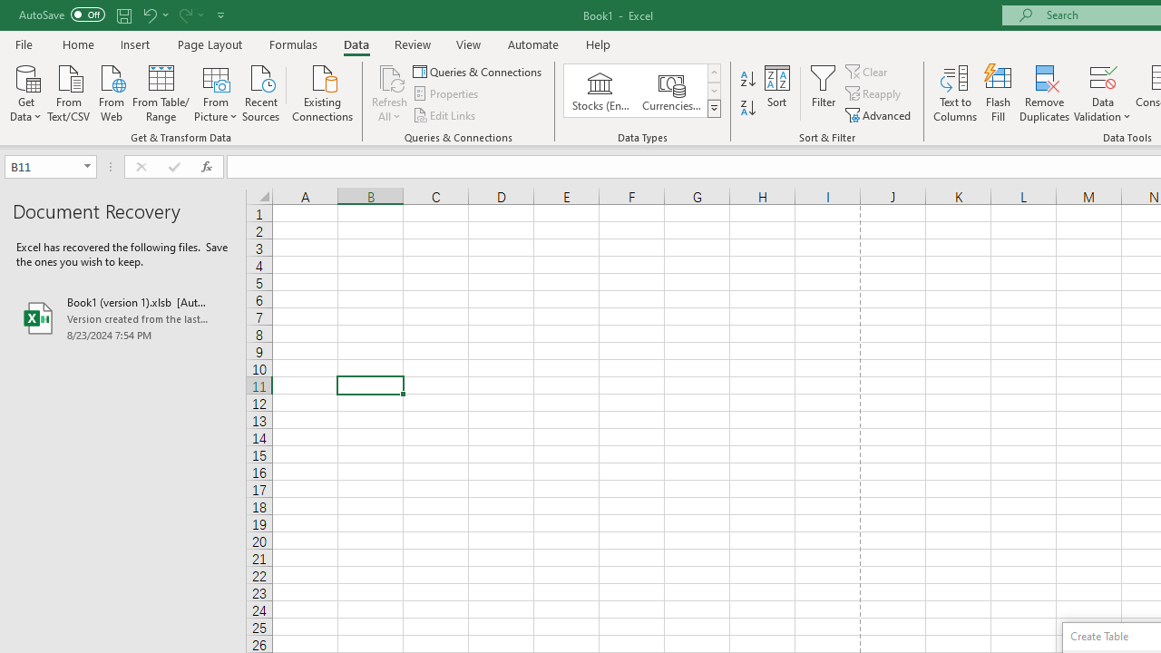 This screenshot has width=1161, height=653. Describe the element at coordinates (713, 108) in the screenshot. I see `'Class: NetUIImage'` at that location.